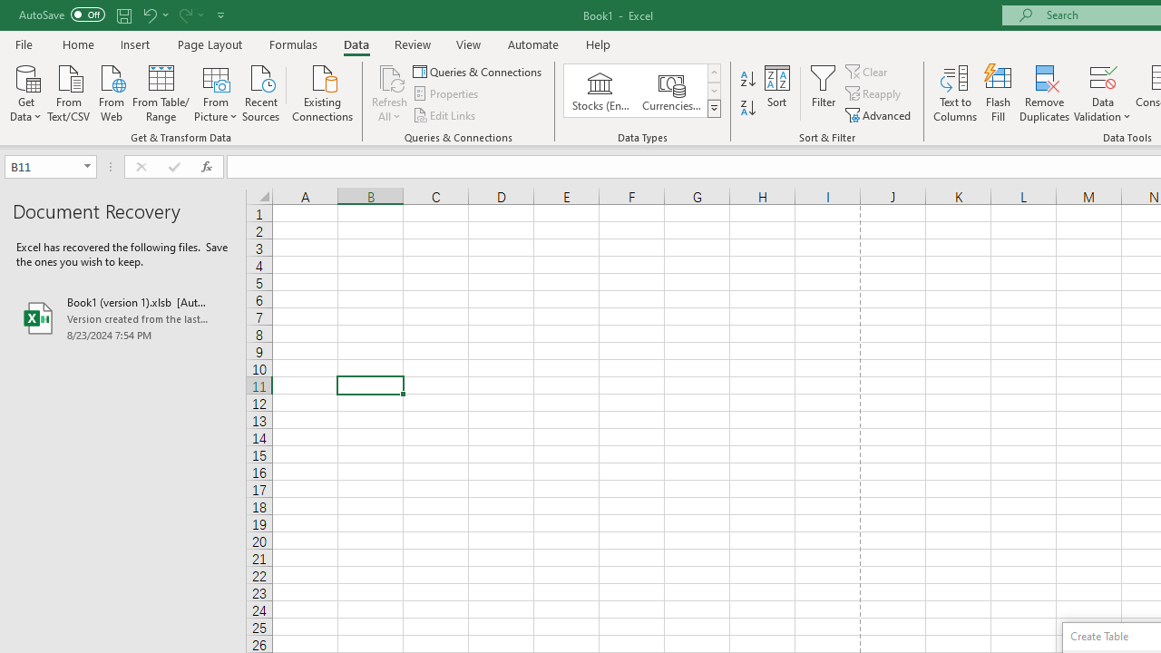 This screenshot has width=1161, height=653. Describe the element at coordinates (713, 108) in the screenshot. I see `'Class: NetUIImage'` at that location.